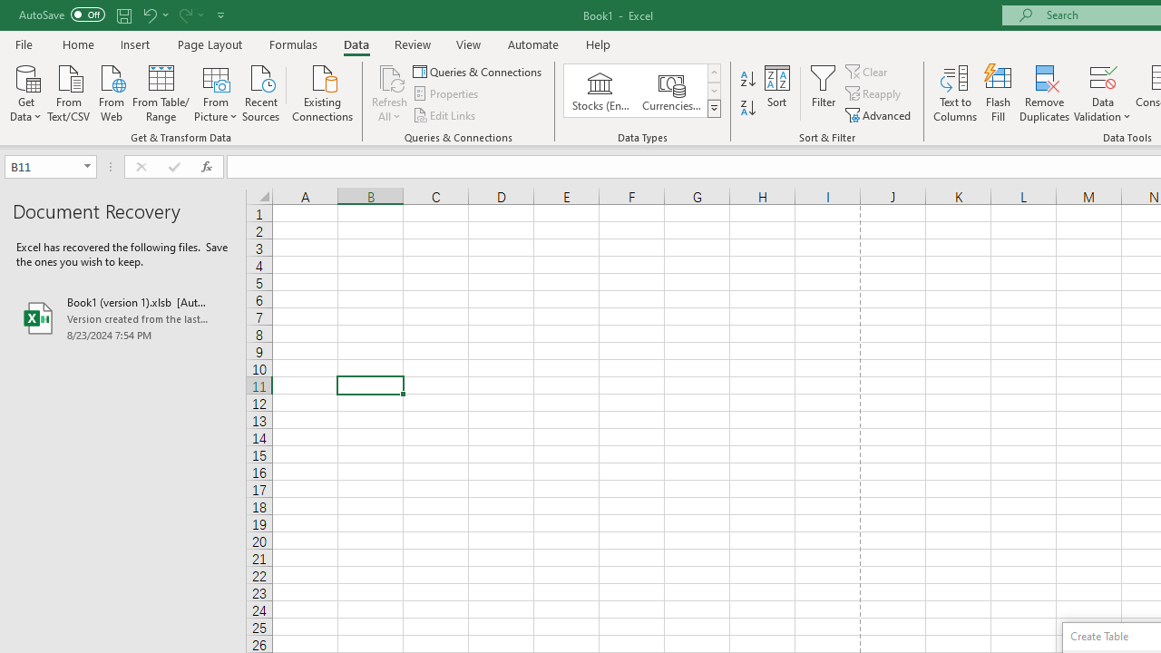 This screenshot has width=1161, height=653. Describe the element at coordinates (713, 108) in the screenshot. I see `'Class: NetUIImage'` at that location.